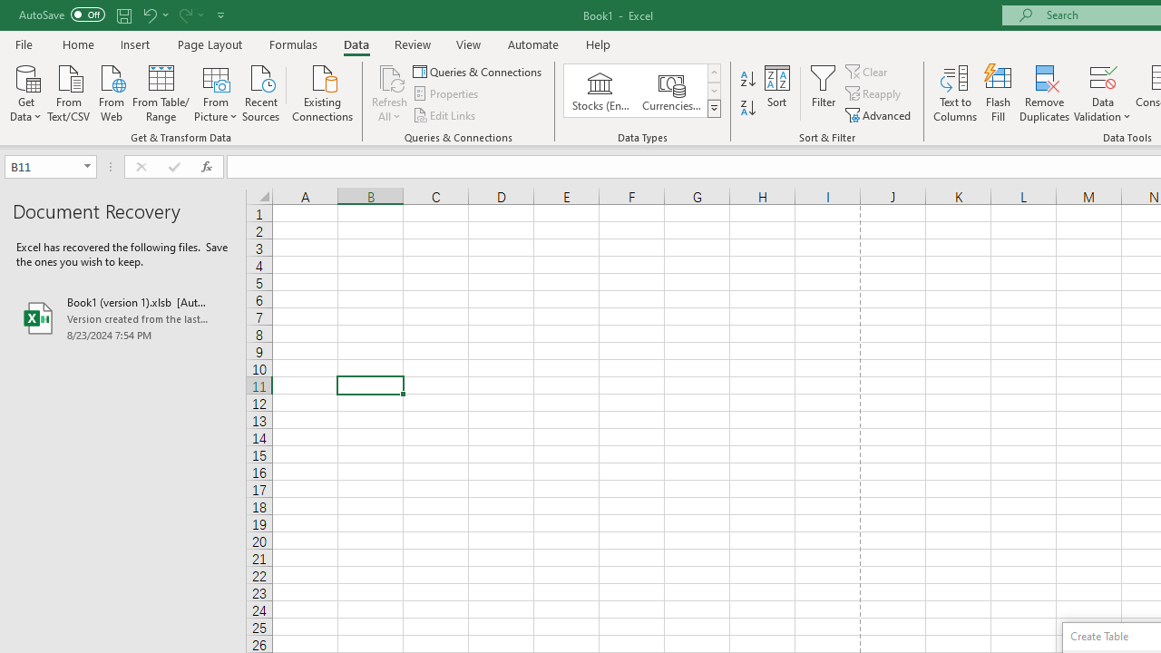 This screenshot has width=1161, height=653. Describe the element at coordinates (713, 108) in the screenshot. I see `'Class: NetUIImage'` at that location.